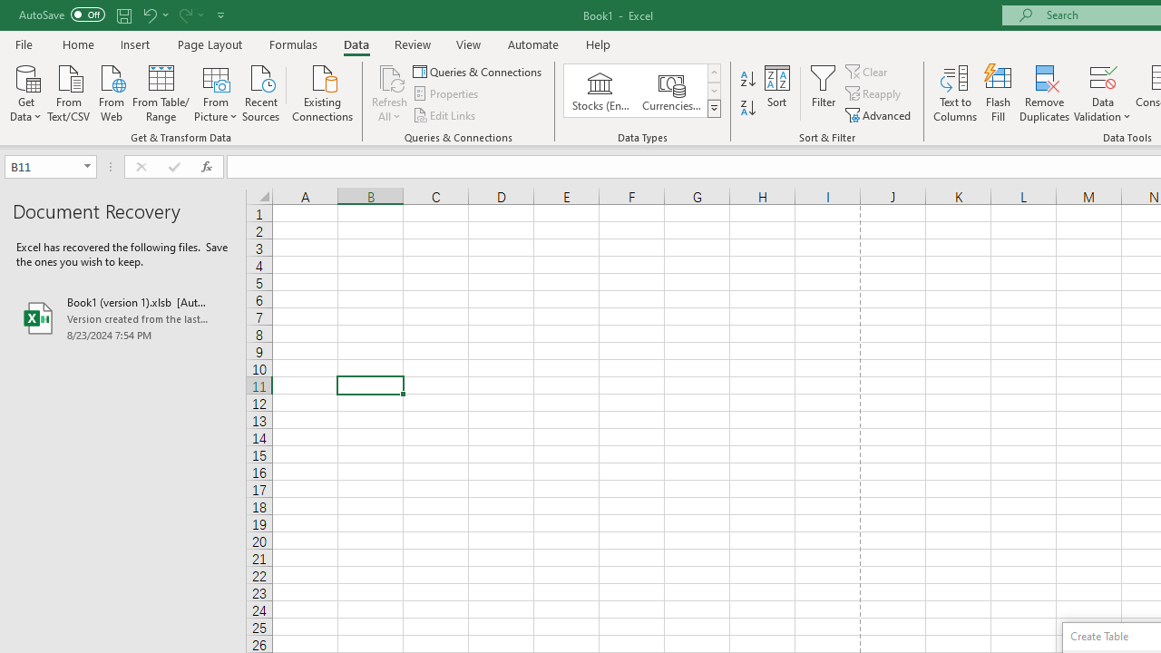 This screenshot has width=1161, height=653. Describe the element at coordinates (713, 108) in the screenshot. I see `'Class: NetUIImage'` at that location.